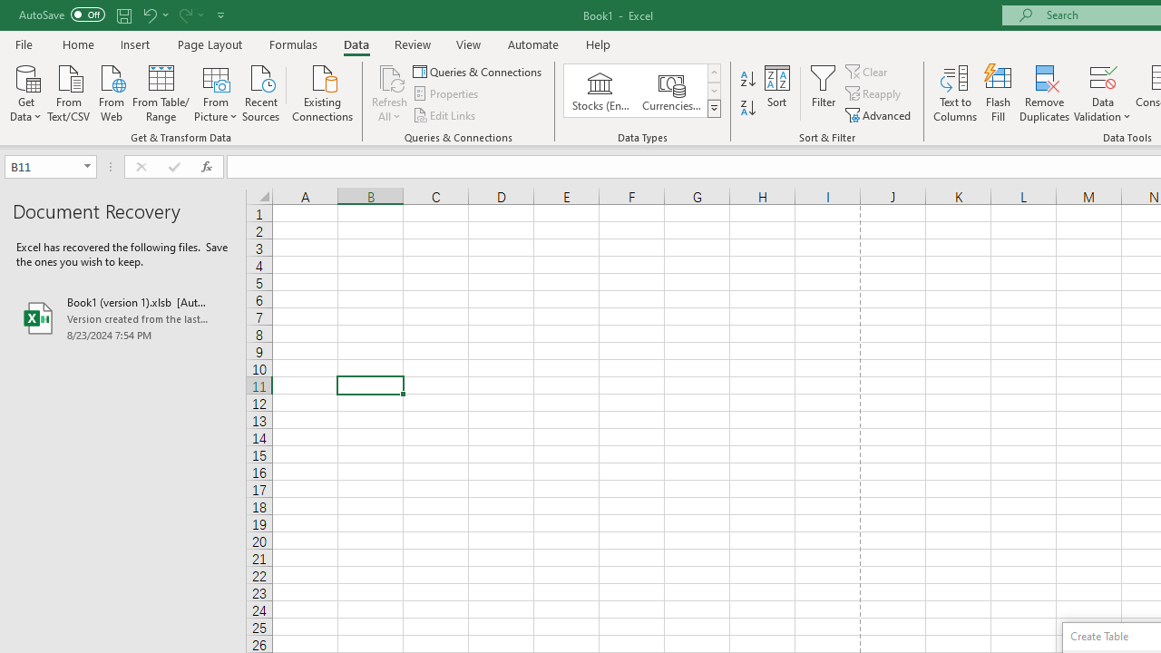 This screenshot has width=1161, height=653. Describe the element at coordinates (713, 108) in the screenshot. I see `'Class: NetUIImage'` at that location.